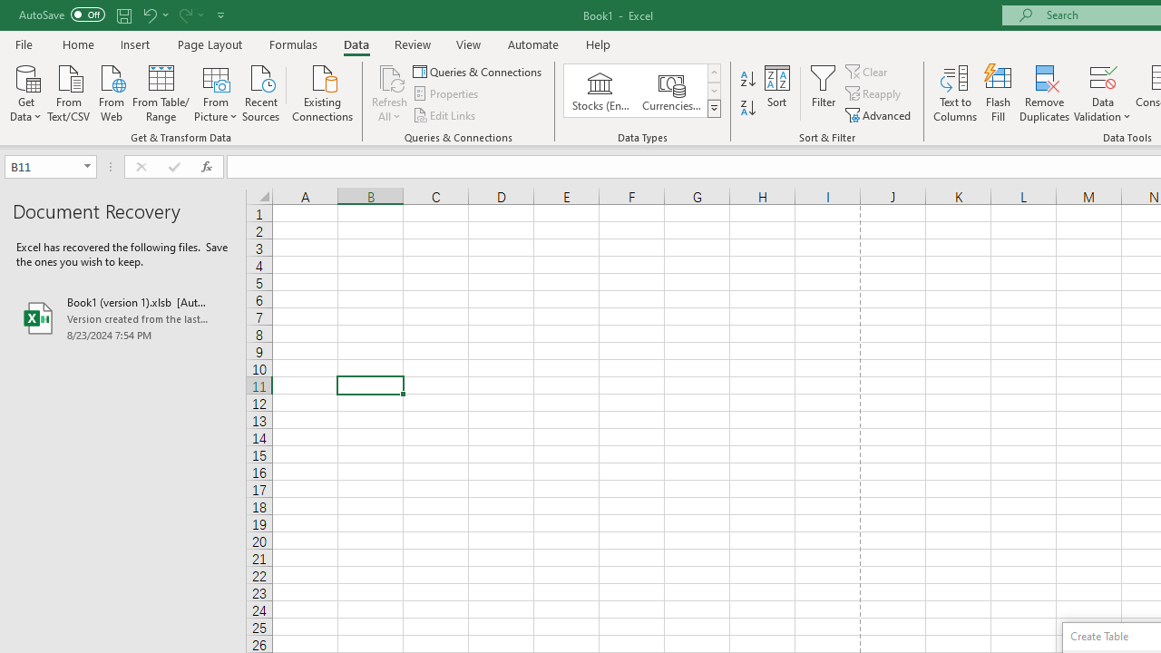 This screenshot has width=1161, height=653. Describe the element at coordinates (713, 108) in the screenshot. I see `'Class: NetUIImage'` at that location.